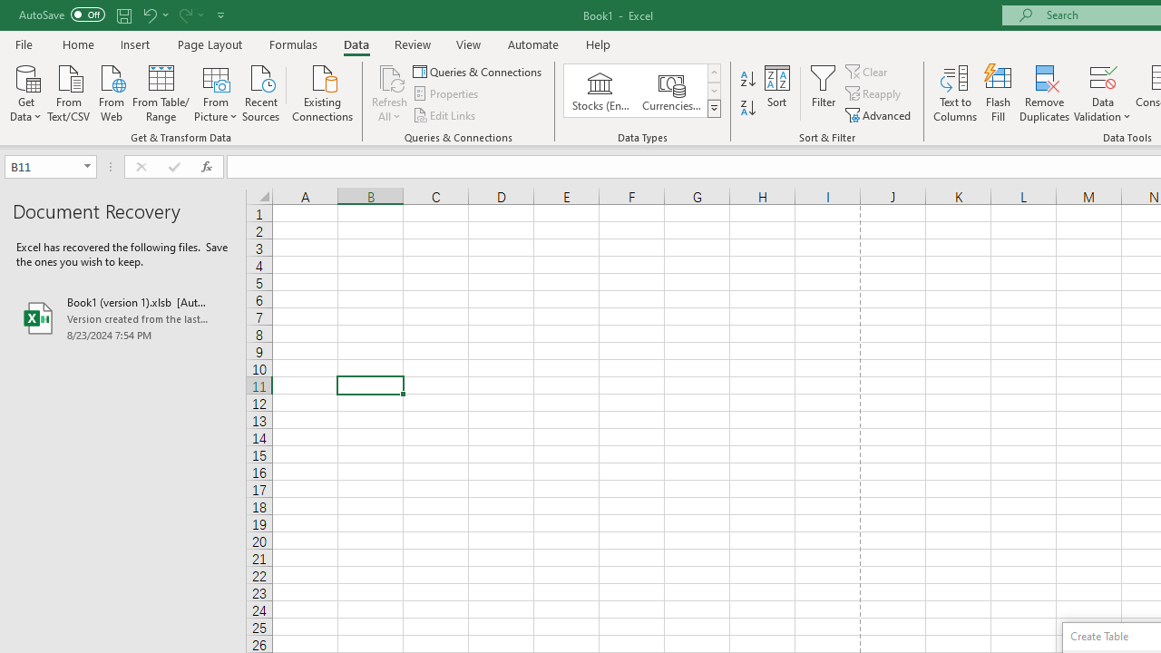 This screenshot has width=1161, height=653. Describe the element at coordinates (713, 108) in the screenshot. I see `'Class: NetUIImage'` at that location.